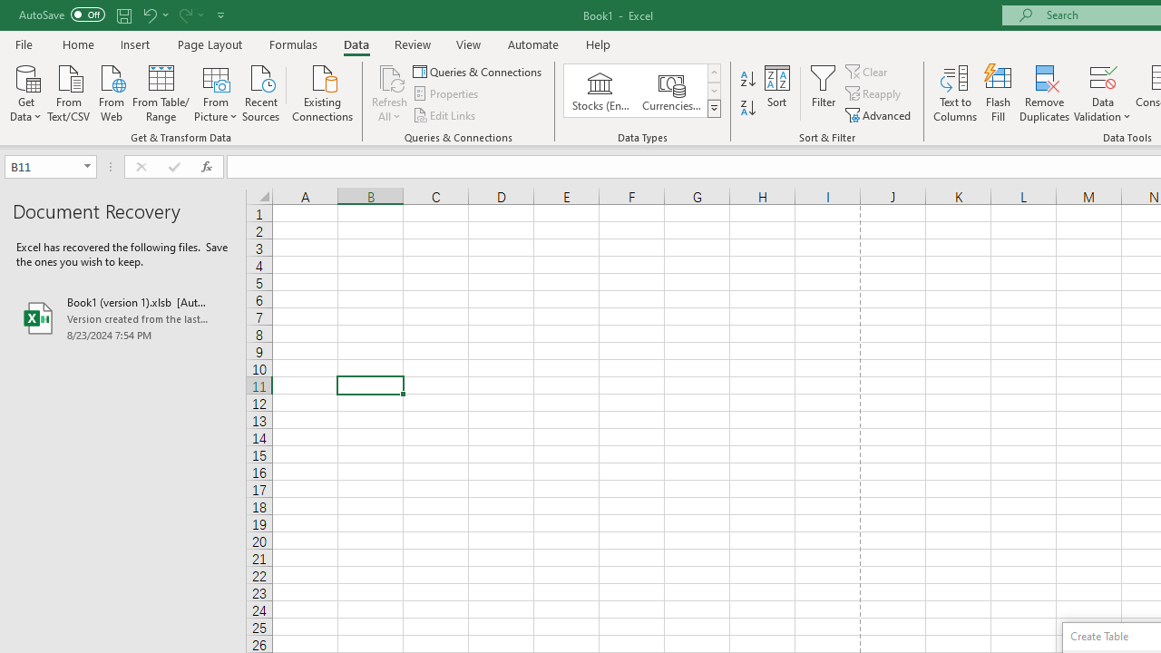 This screenshot has width=1161, height=653. Describe the element at coordinates (713, 108) in the screenshot. I see `'Class: NetUIImage'` at that location.